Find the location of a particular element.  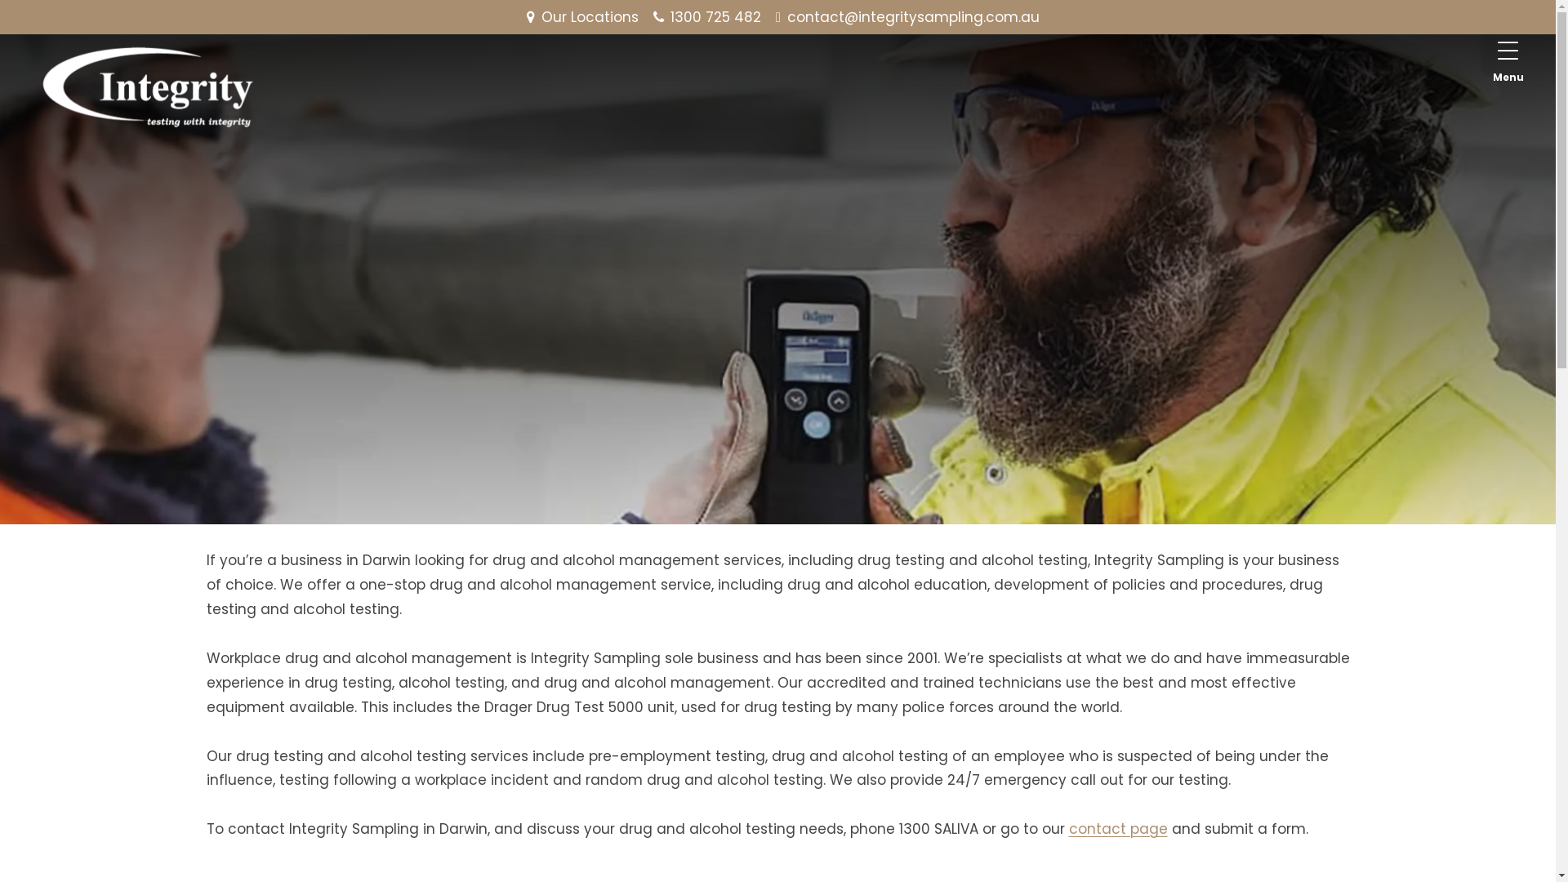

'Menu' is located at coordinates (1508, 60).